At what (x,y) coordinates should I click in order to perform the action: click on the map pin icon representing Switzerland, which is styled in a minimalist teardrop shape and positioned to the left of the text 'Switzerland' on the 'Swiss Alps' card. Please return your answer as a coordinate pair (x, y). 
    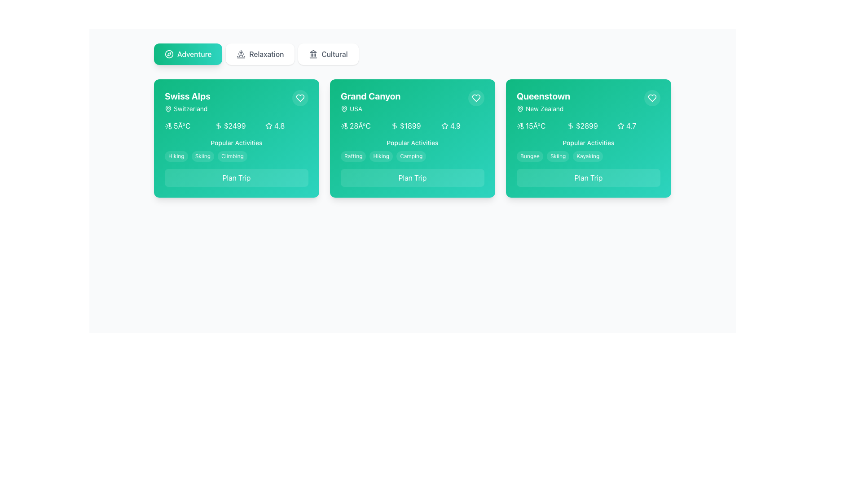
    Looking at the image, I should click on (168, 108).